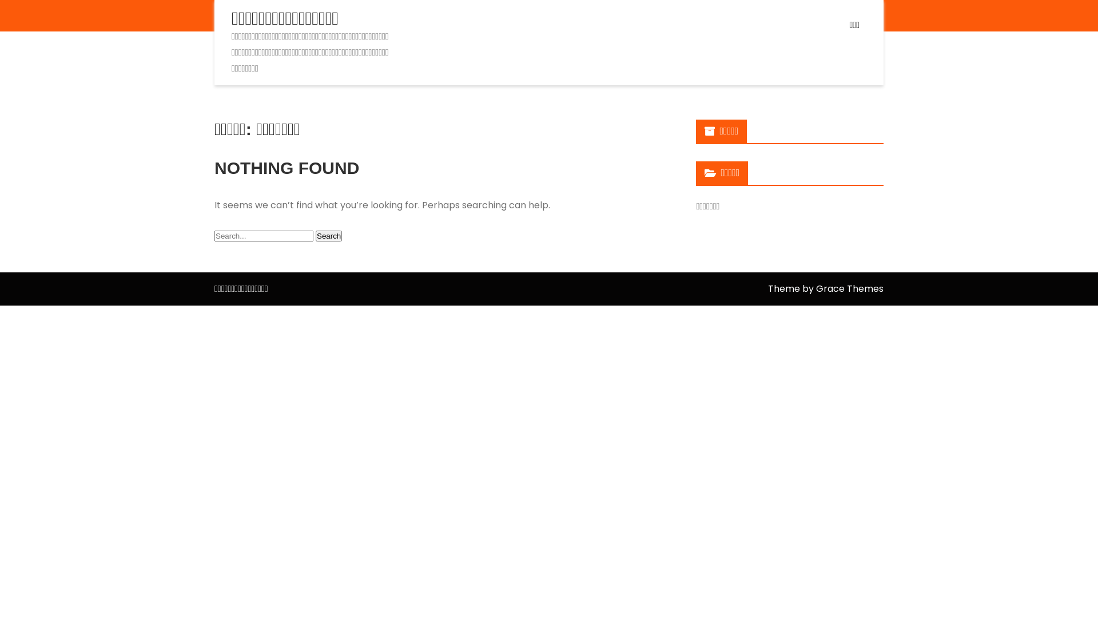 This screenshot has width=1098, height=618. What do you see at coordinates (316, 235) in the screenshot?
I see `'Search'` at bounding box center [316, 235].